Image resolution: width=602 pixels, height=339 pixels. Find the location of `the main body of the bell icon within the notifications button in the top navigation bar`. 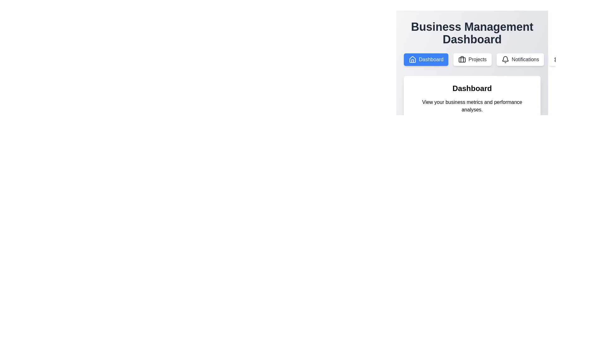

the main body of the bell icon within the notifications button in the top navigation bar is located at coordinates (505, 59).